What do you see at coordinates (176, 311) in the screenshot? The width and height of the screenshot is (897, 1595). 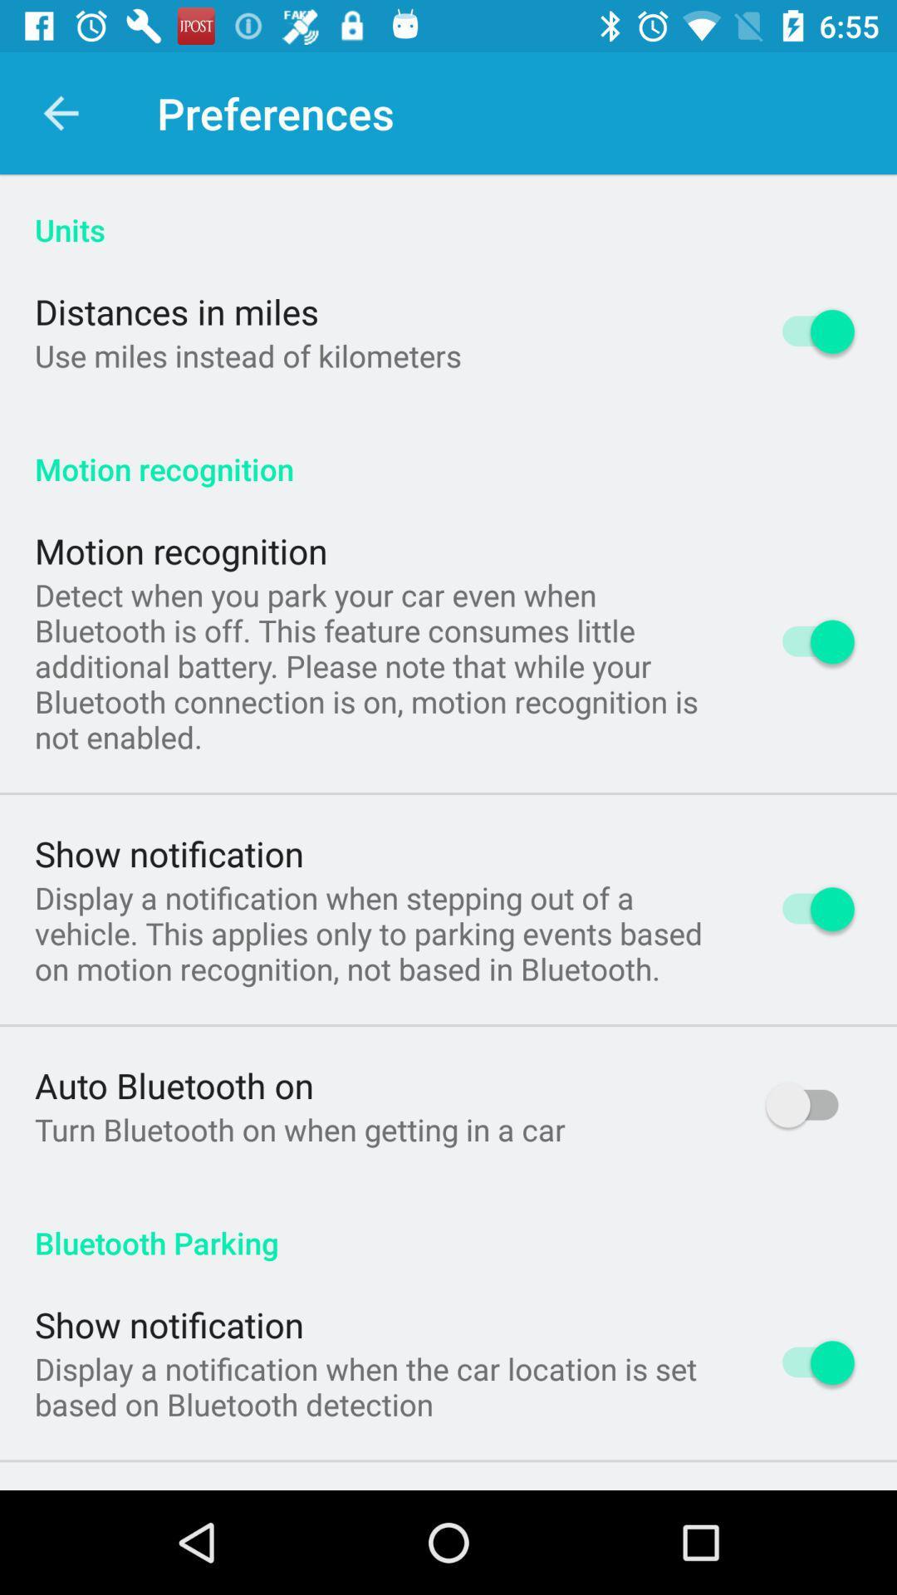 I see `distances in miles` at bounding box center [176, 311].